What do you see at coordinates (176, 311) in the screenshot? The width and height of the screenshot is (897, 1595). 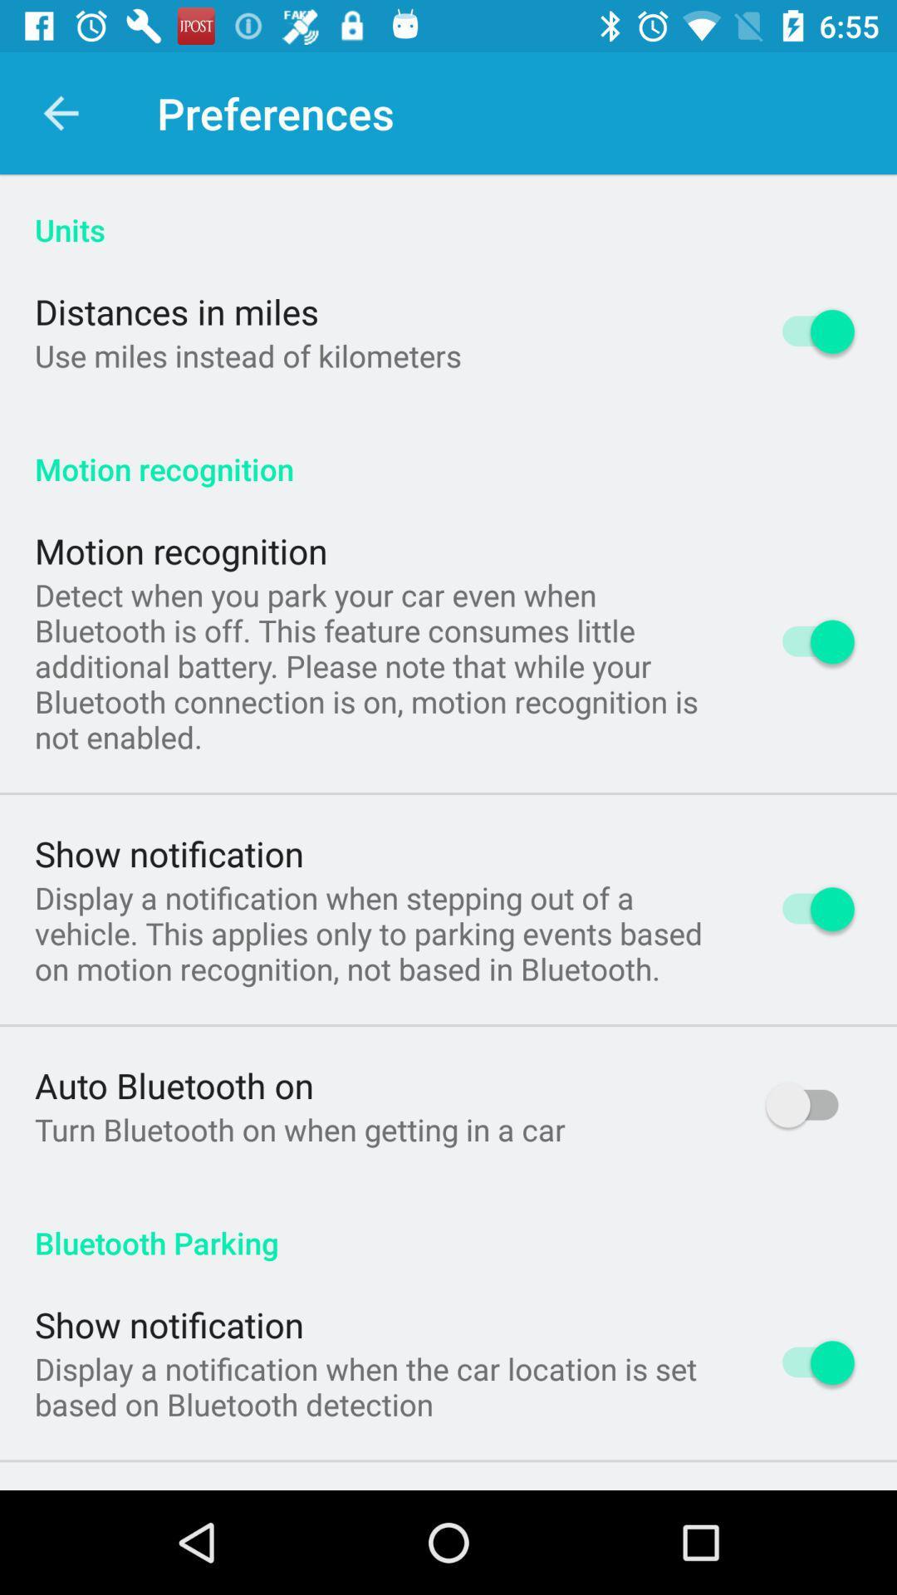 I see `distances in miles` at bounding box center [176, 311].